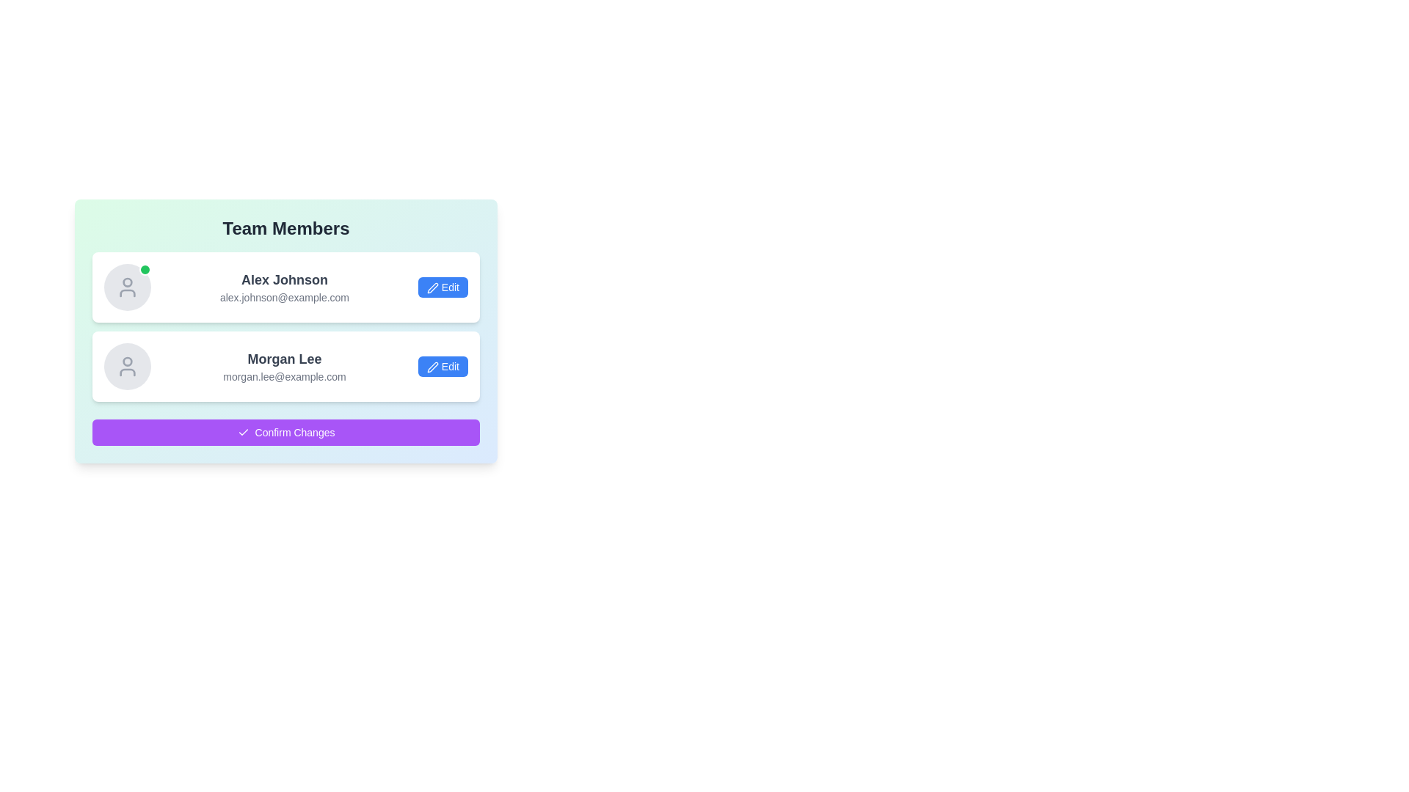 The height and width of the screenshot is (792, 1409). Describe the element at coordinates (285, 359) in the screenshot. I see `the text label displaying the name of the team member, which is positioned directly above the email address 'morgan.lee@example.com', for copying` at that location.